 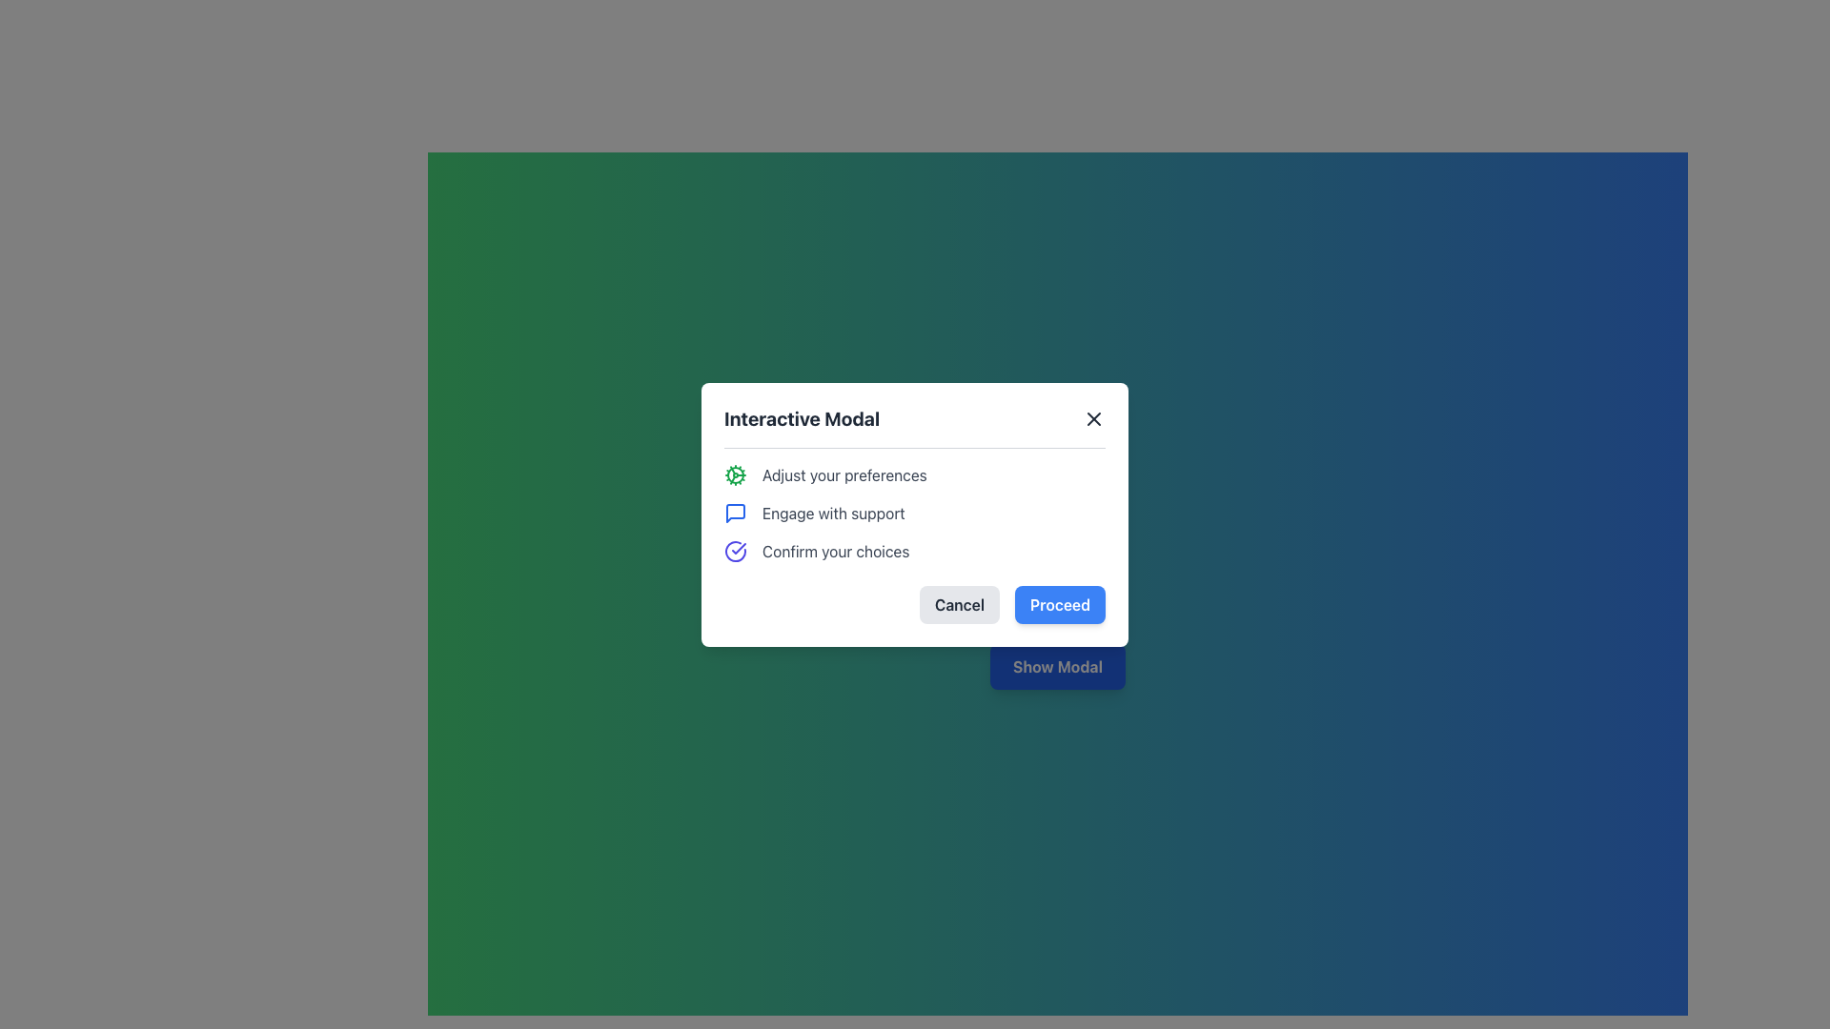 What do you see at coordinates (735, 511) in the screenshot?
I see `the conversation bubble icon representing messages, located in the modal interface under the 'Engage with support' option` at bounding box center [735, 511].